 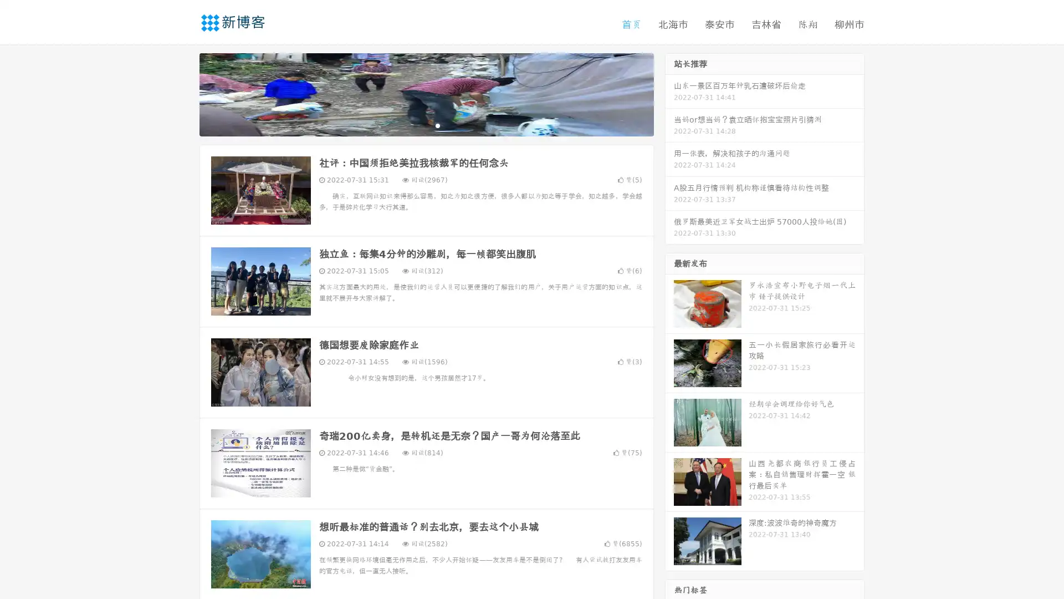 What do you see at coordinates (183, 93) in the screenshot?
I see `Previous slide` at bounding box center [183, 93].